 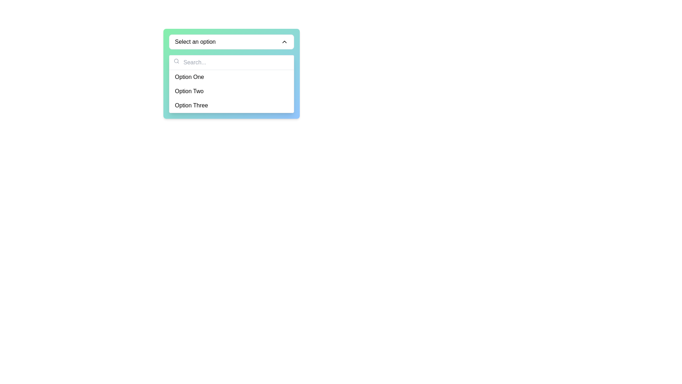 I want to click on the text label displaying 'Option One', so click(x=189, y=77).